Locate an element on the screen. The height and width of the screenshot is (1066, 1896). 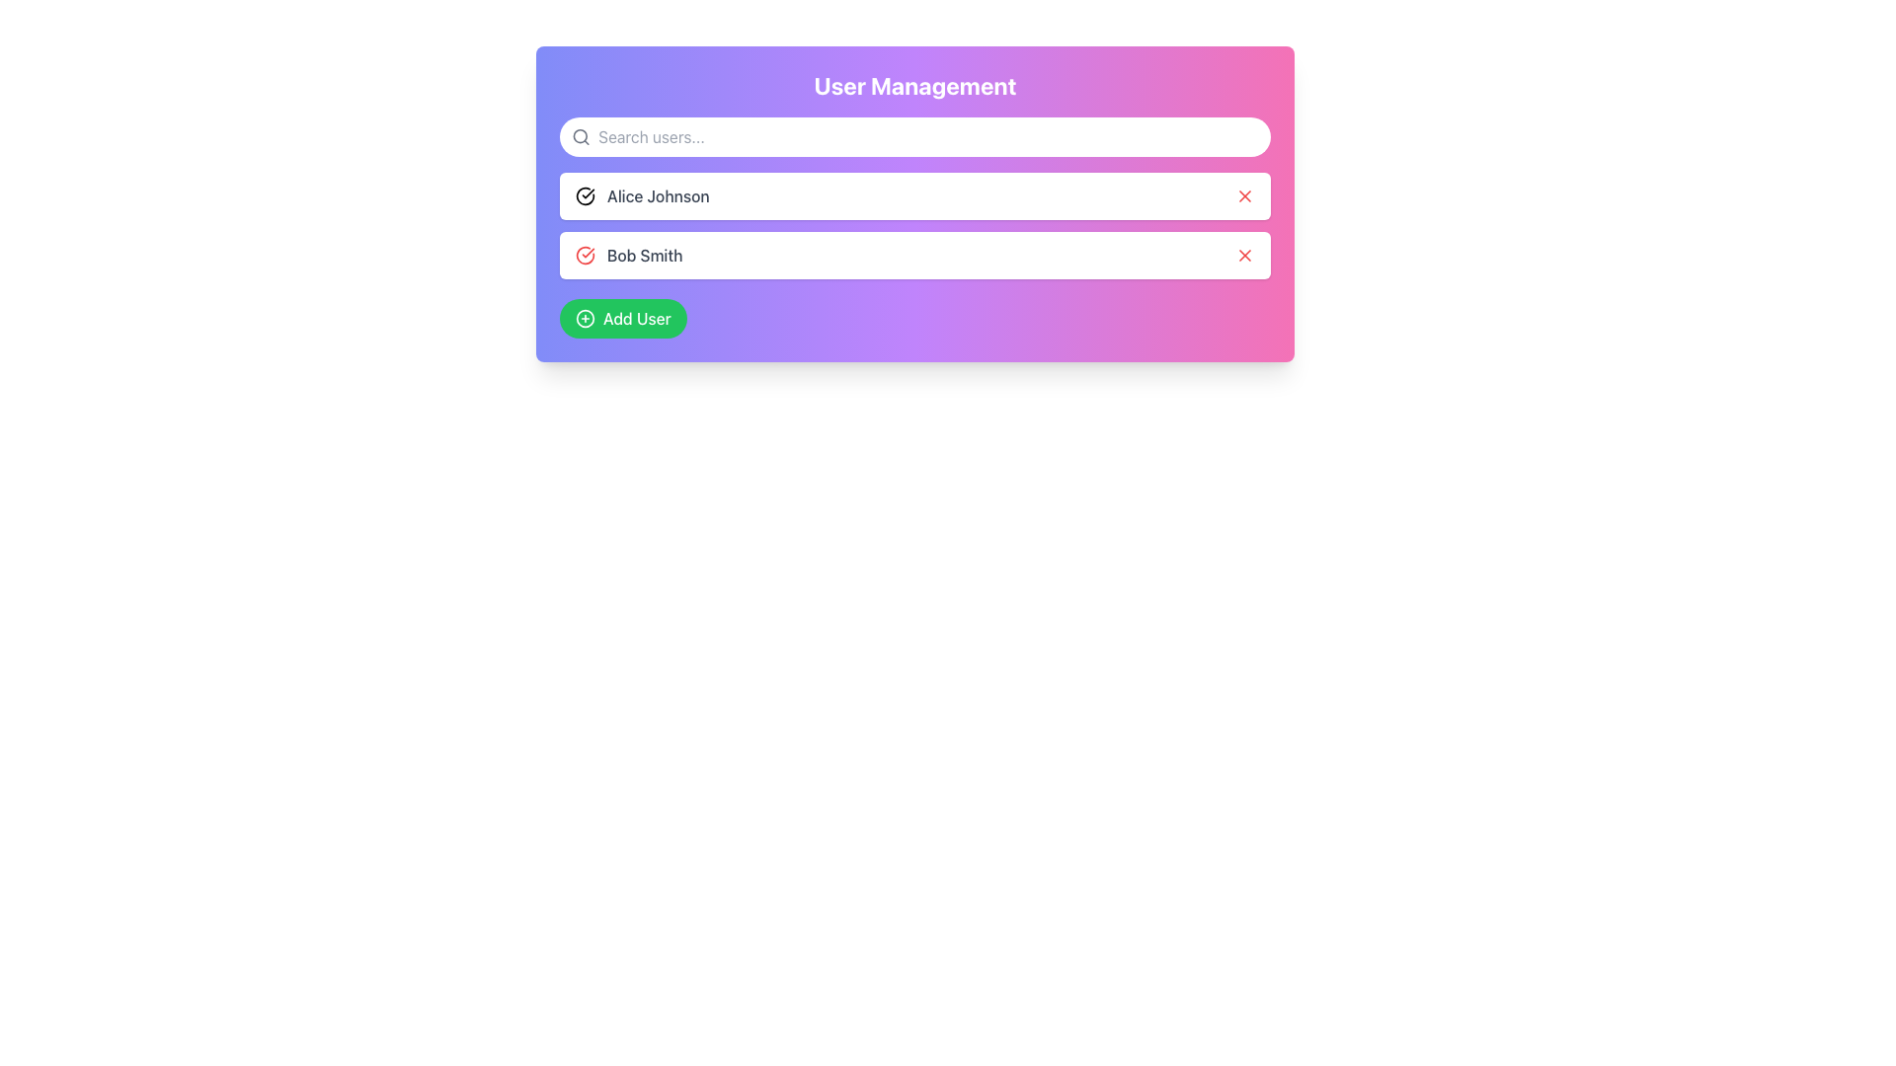
the text label containing the name 'Alice Johnson' is located at coordinates (642, 196).